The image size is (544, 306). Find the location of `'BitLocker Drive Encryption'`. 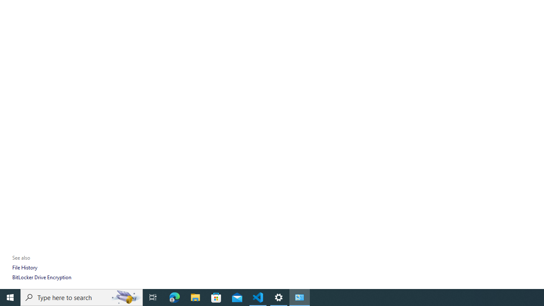

'BitLocker Drive Encryption' is located at coordinates (41, 277).